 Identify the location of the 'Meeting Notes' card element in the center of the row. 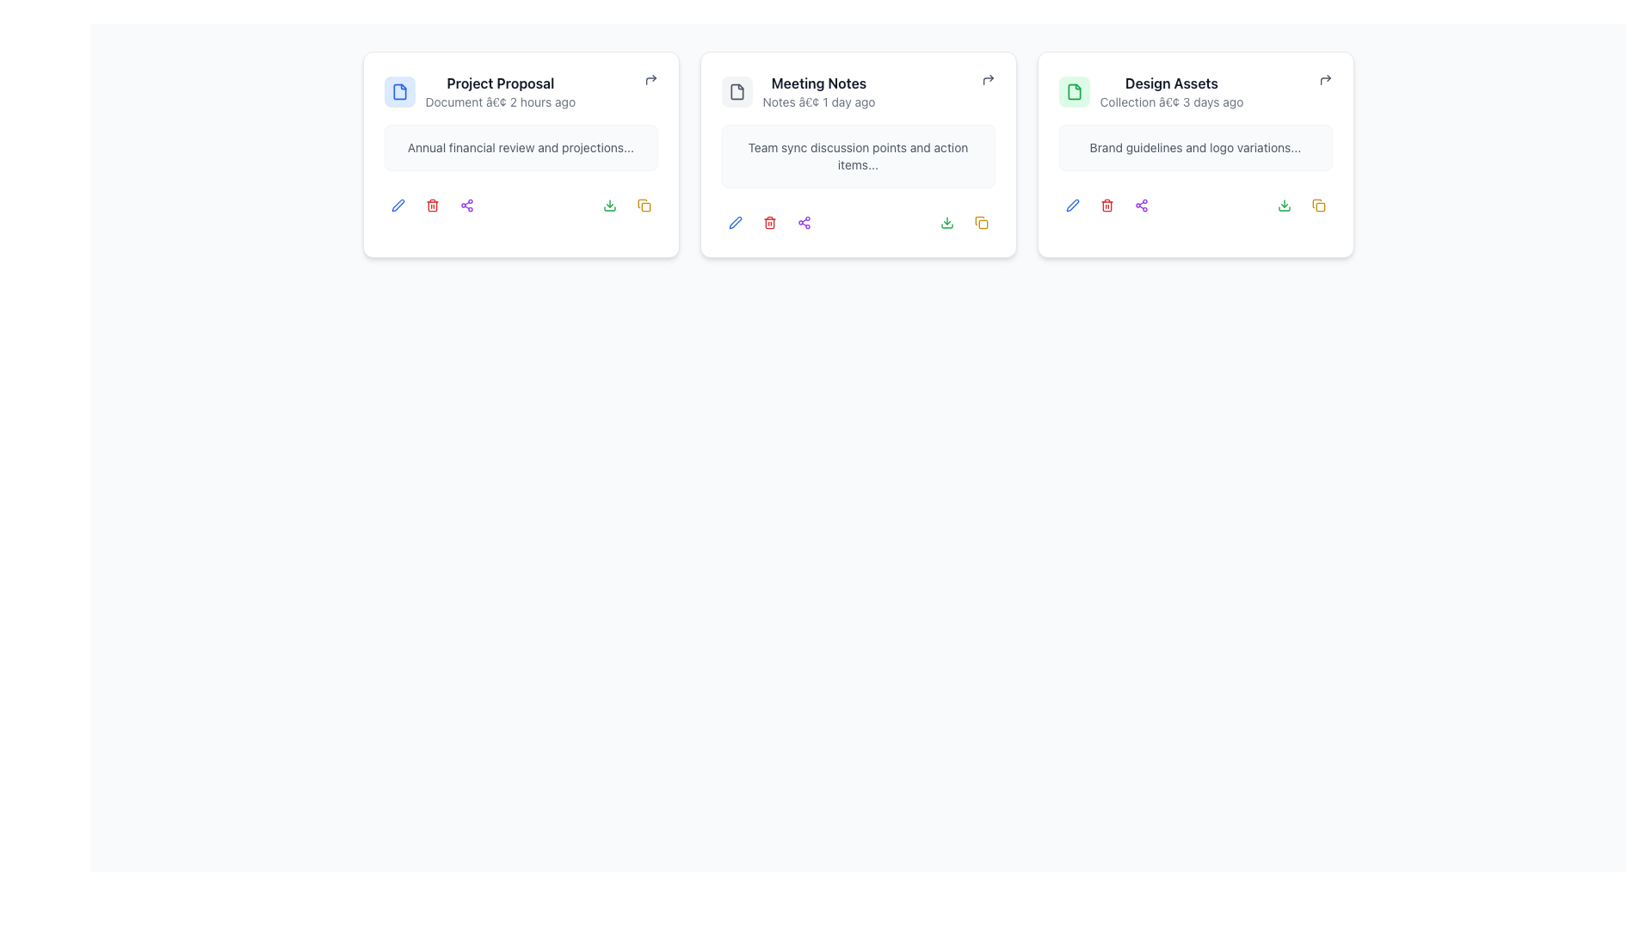
(858, 92).